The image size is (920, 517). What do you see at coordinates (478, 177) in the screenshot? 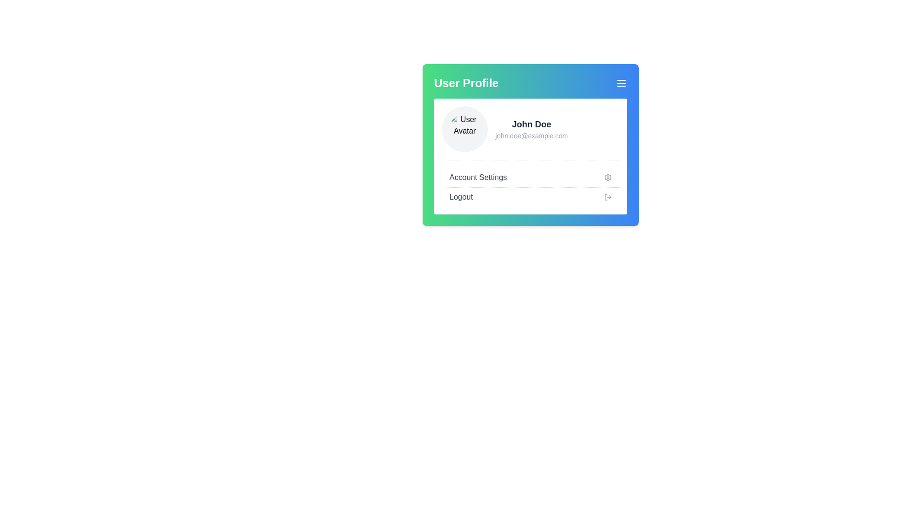
I see `the account settings label located above the 'Logout' option` at bounding box center [478, 177].